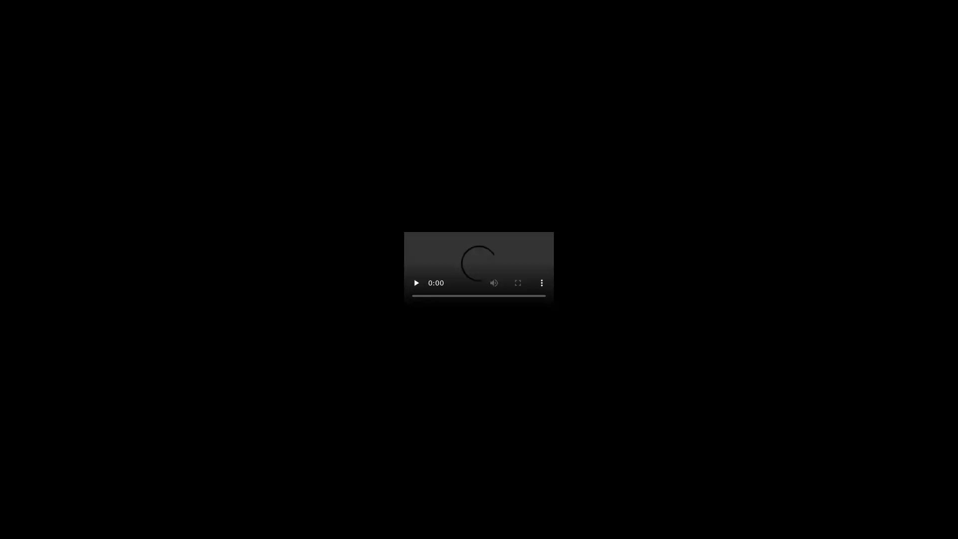  What do you see at coordinates (416, 283) in the screenshot?
I see `play` at bounding box center [416, 283].